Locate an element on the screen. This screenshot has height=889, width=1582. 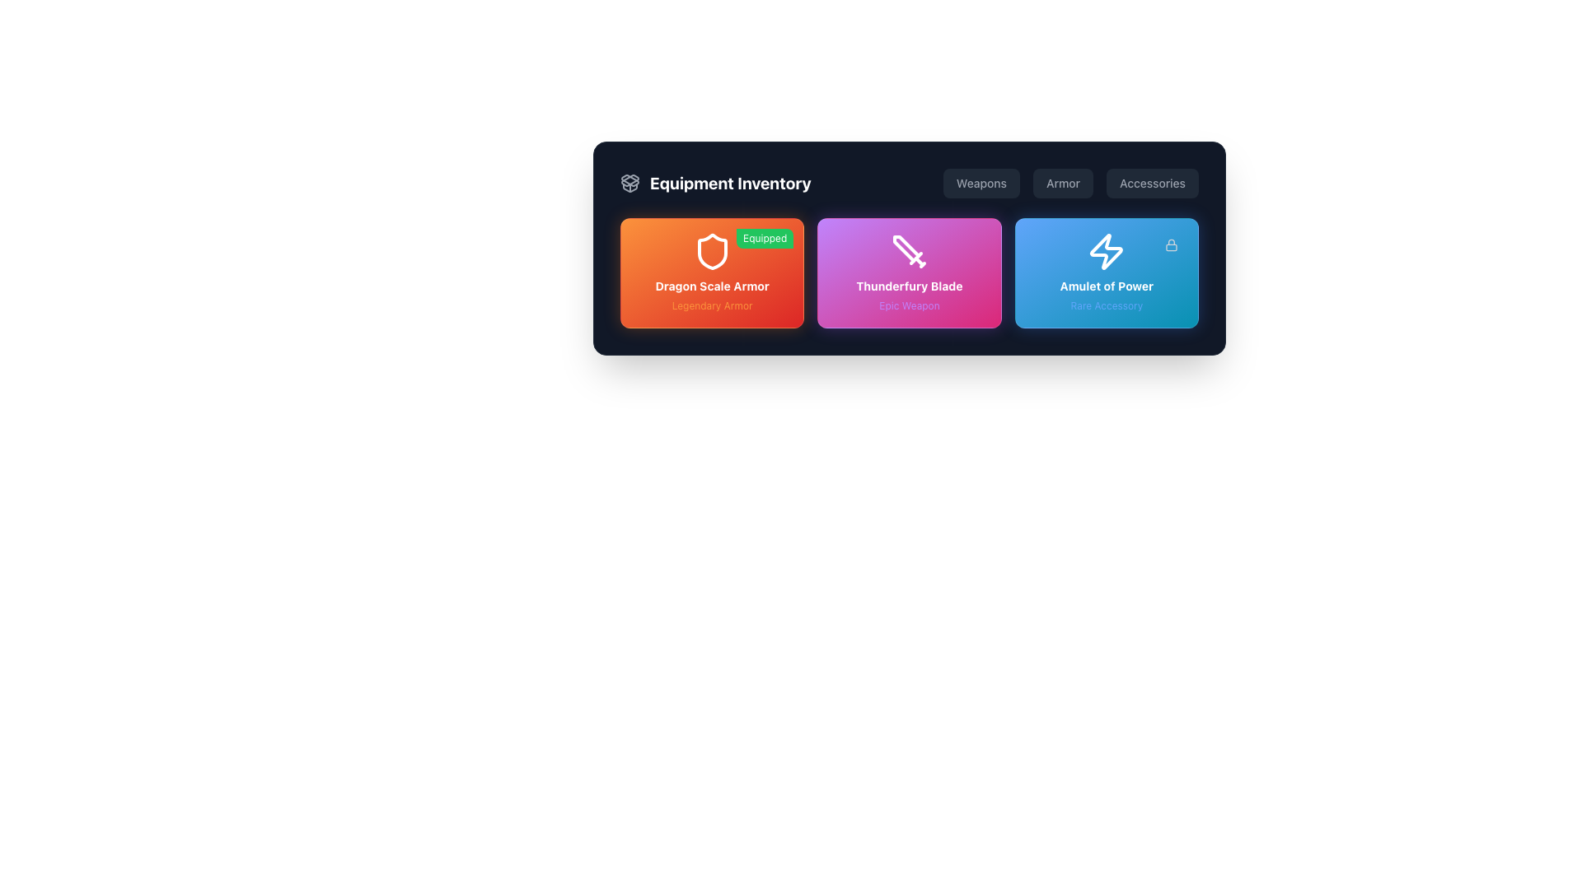
the Card element representing the 'Thunderfury Blade' in the inventory is located at coordinates (909, 272).